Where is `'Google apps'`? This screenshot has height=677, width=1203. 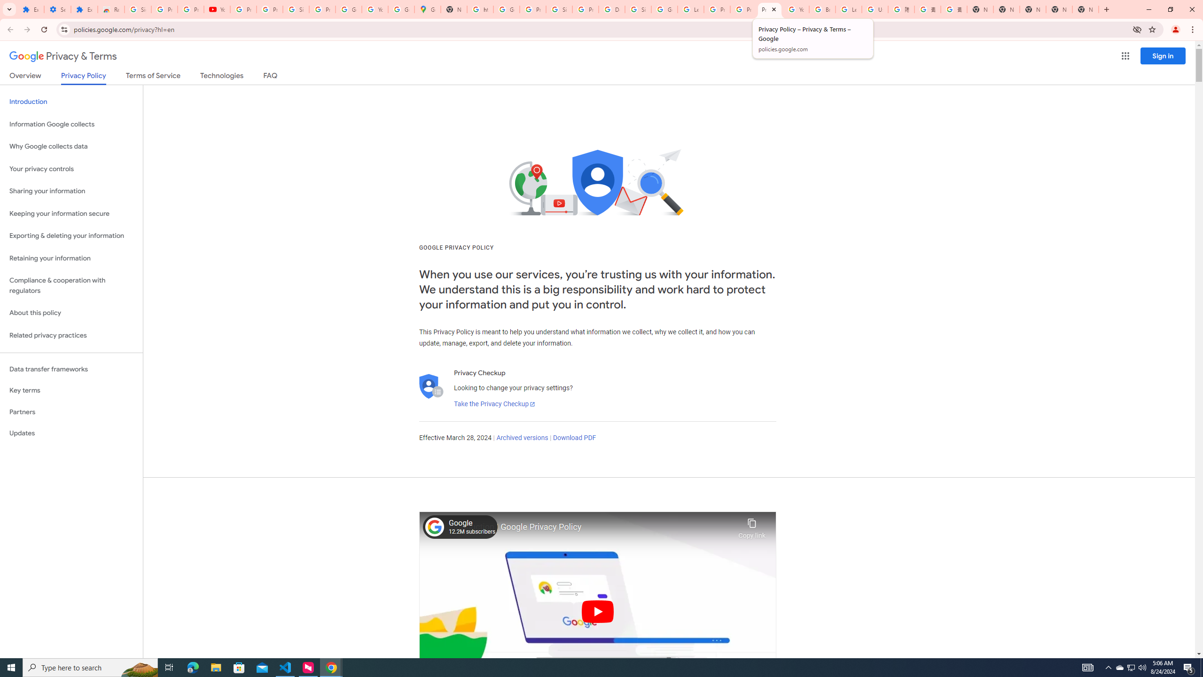
'Google apps' is located at coordinates (1125, 55).